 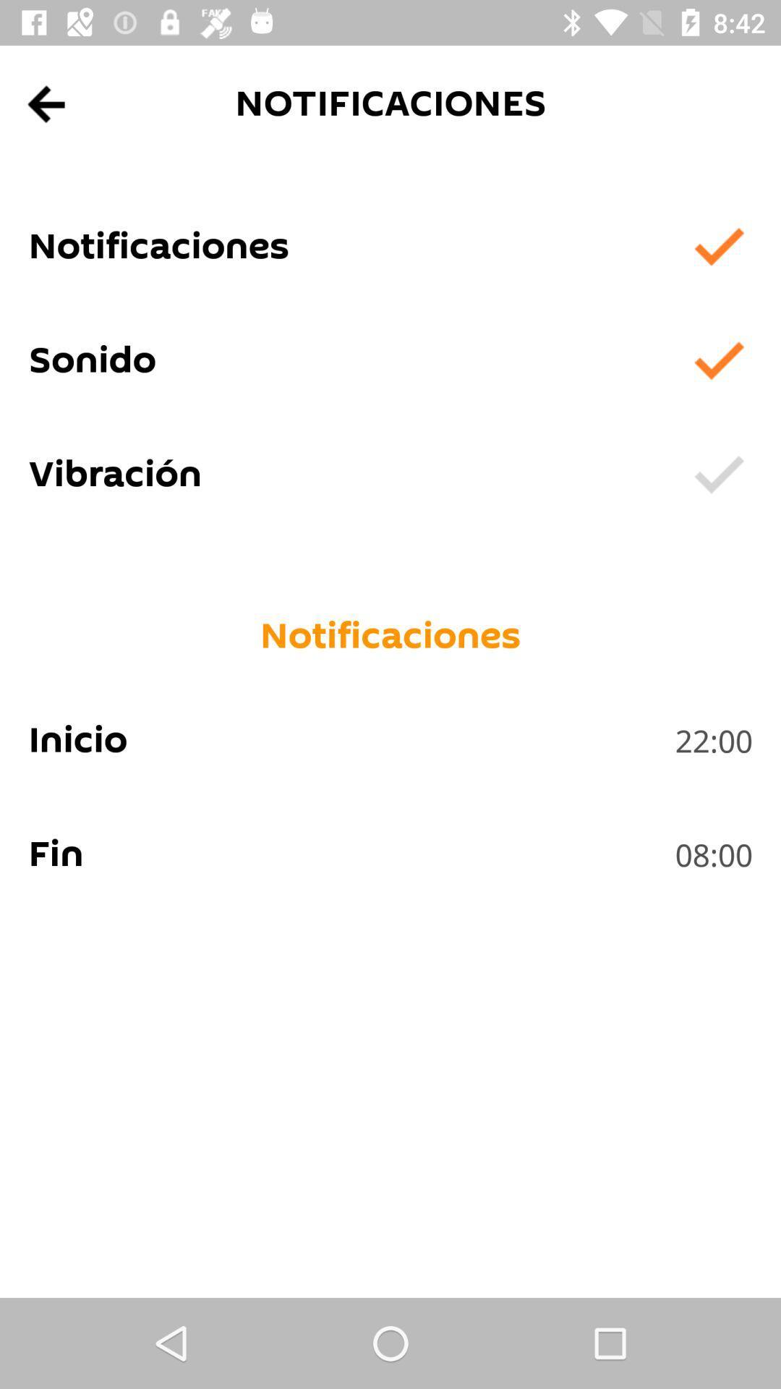 I want to click on app above the notificaciones app, so click(x=46, y=103).